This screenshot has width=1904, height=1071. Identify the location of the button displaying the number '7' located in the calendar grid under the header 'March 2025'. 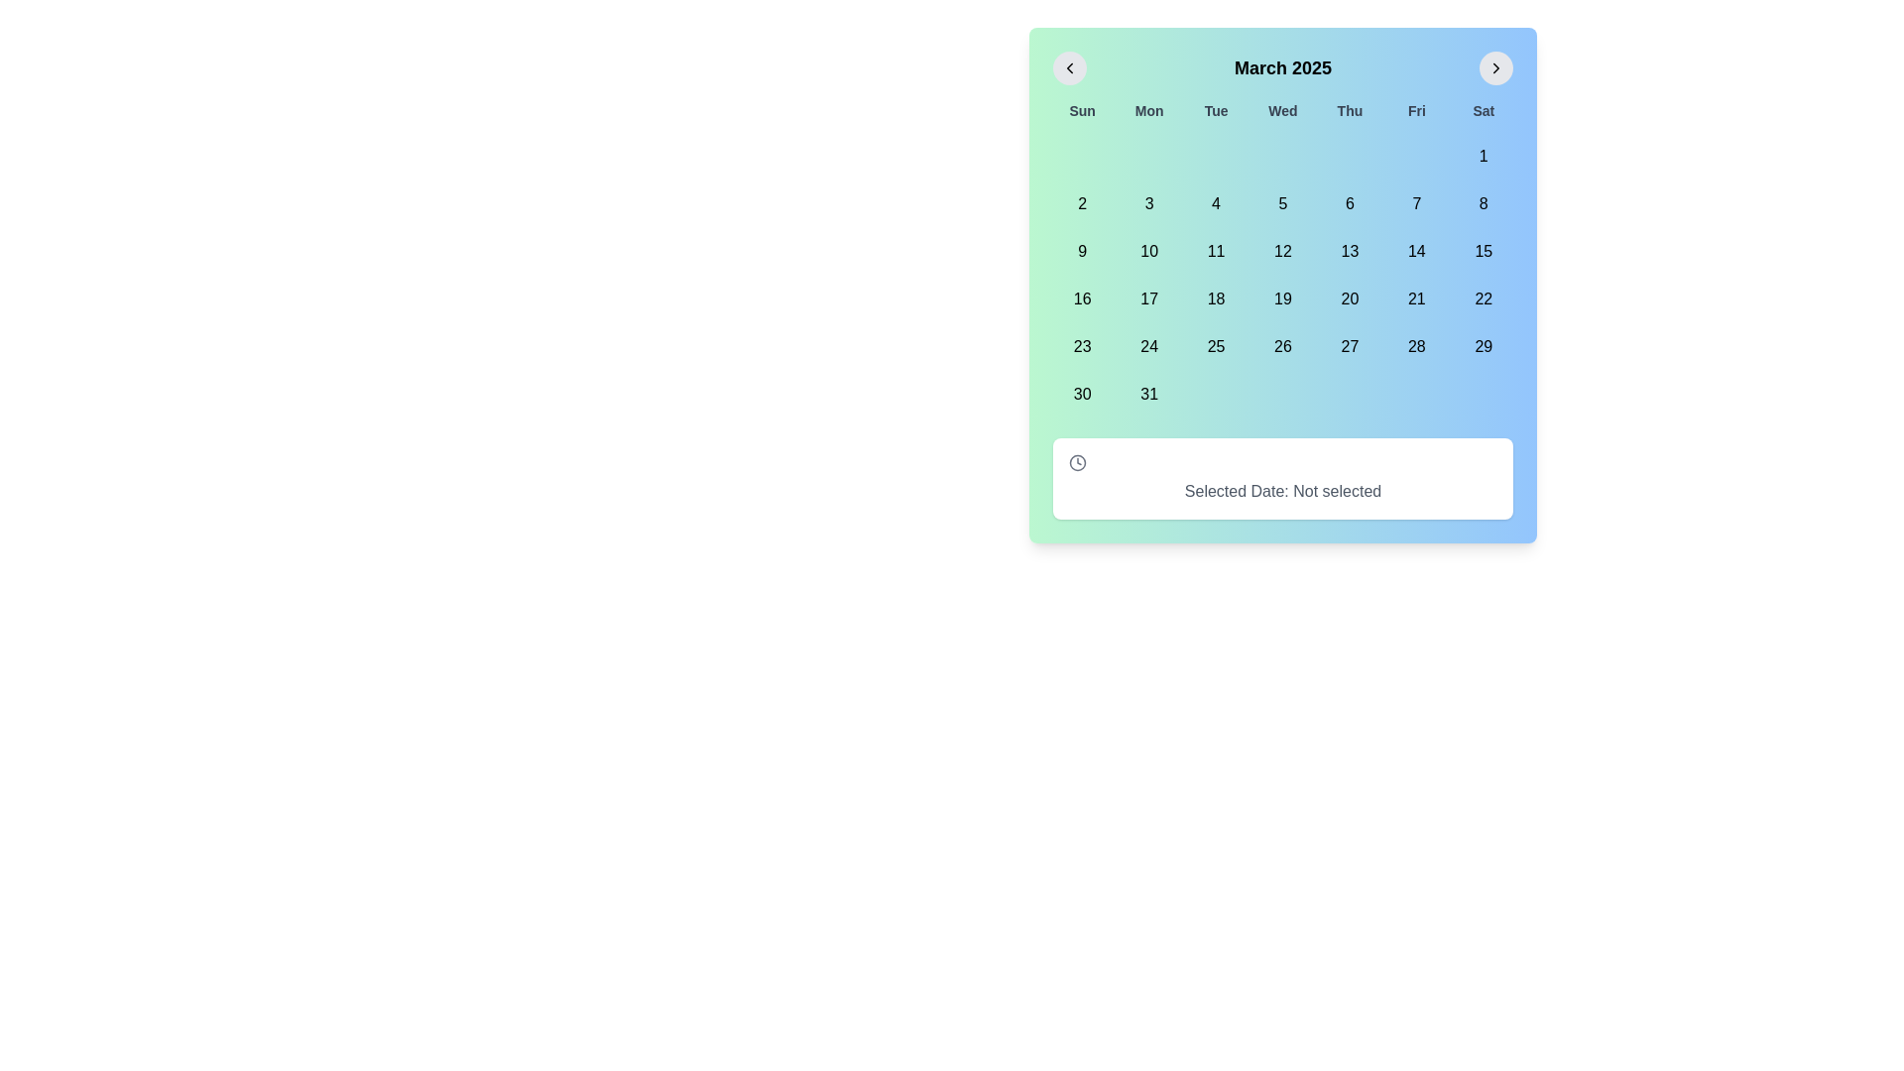
(1415, 203).